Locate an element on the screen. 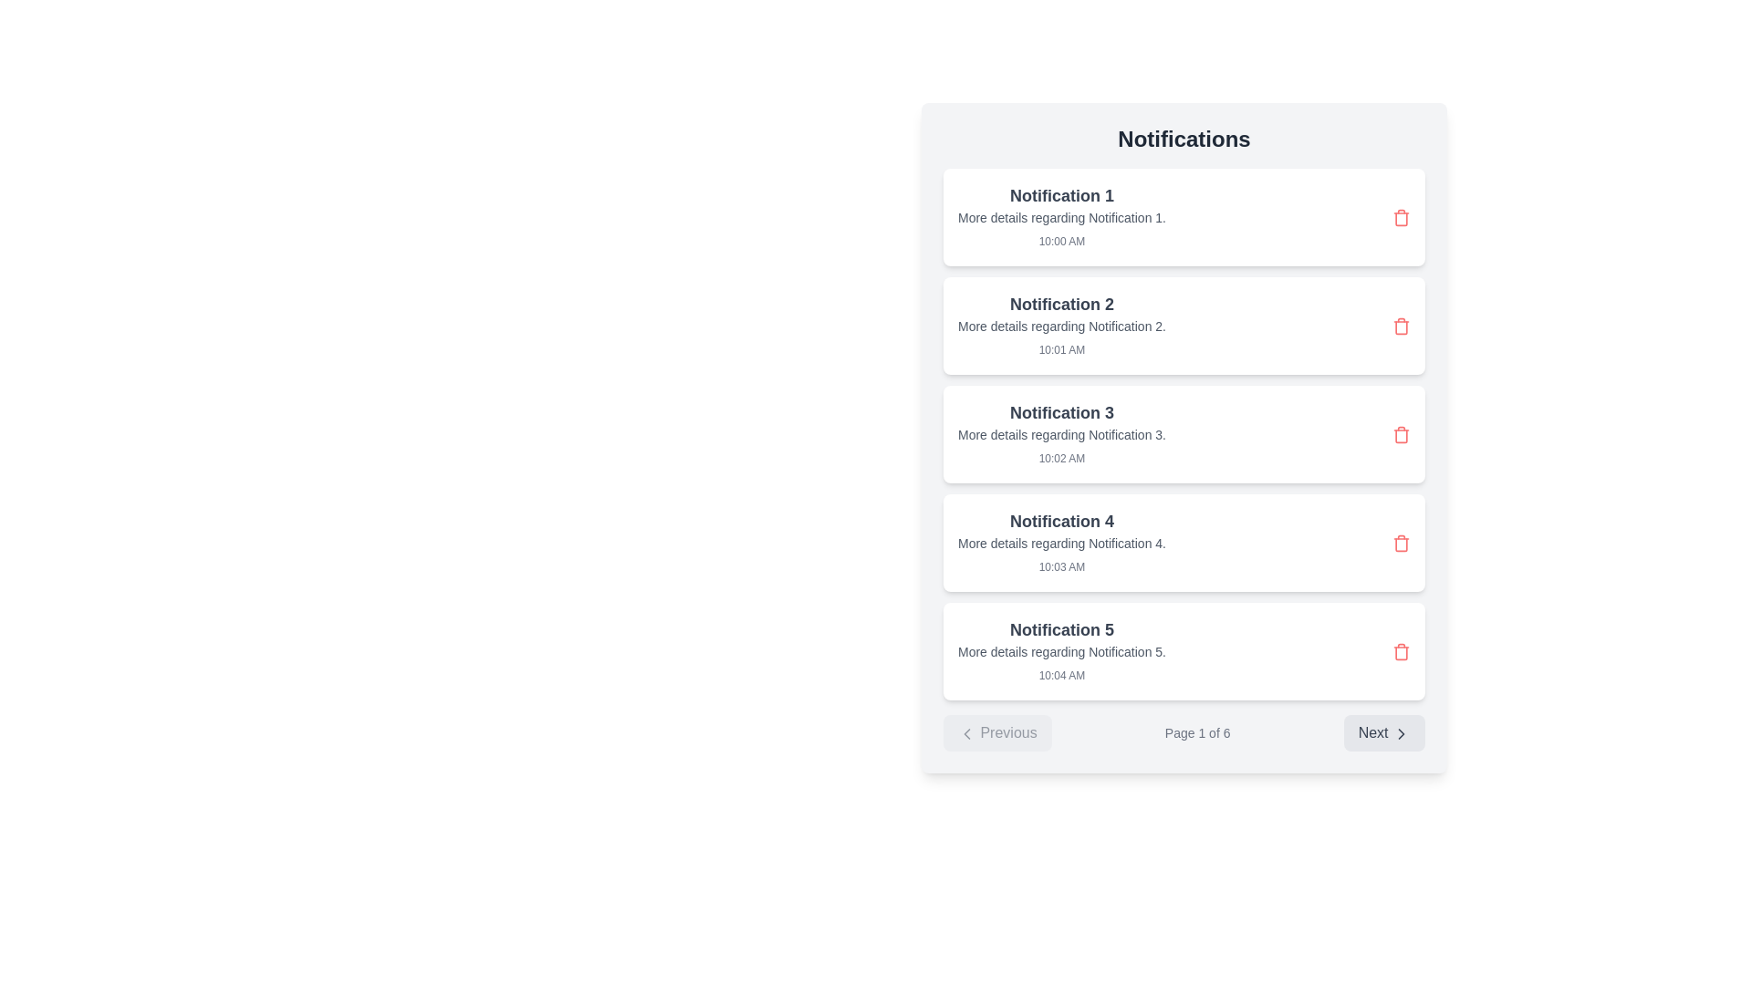 The height and width of the screenshot is (985, 1752). description text of the Notification card which contains 'More details regarding Notification 4.' This card is the fourth in a vertical list of notifications, located below 'Notification 3.' is located at coordinates (1062, 542).